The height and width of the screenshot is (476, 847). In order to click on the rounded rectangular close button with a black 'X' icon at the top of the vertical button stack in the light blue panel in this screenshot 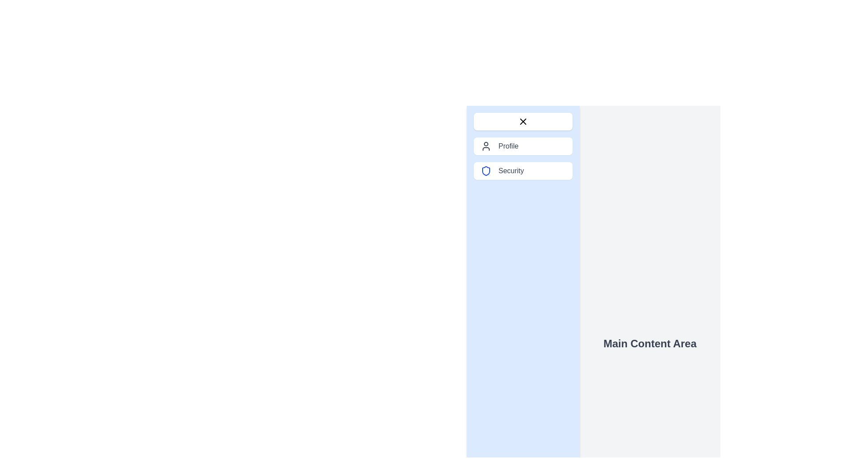, I will do `click(523, 122)`.